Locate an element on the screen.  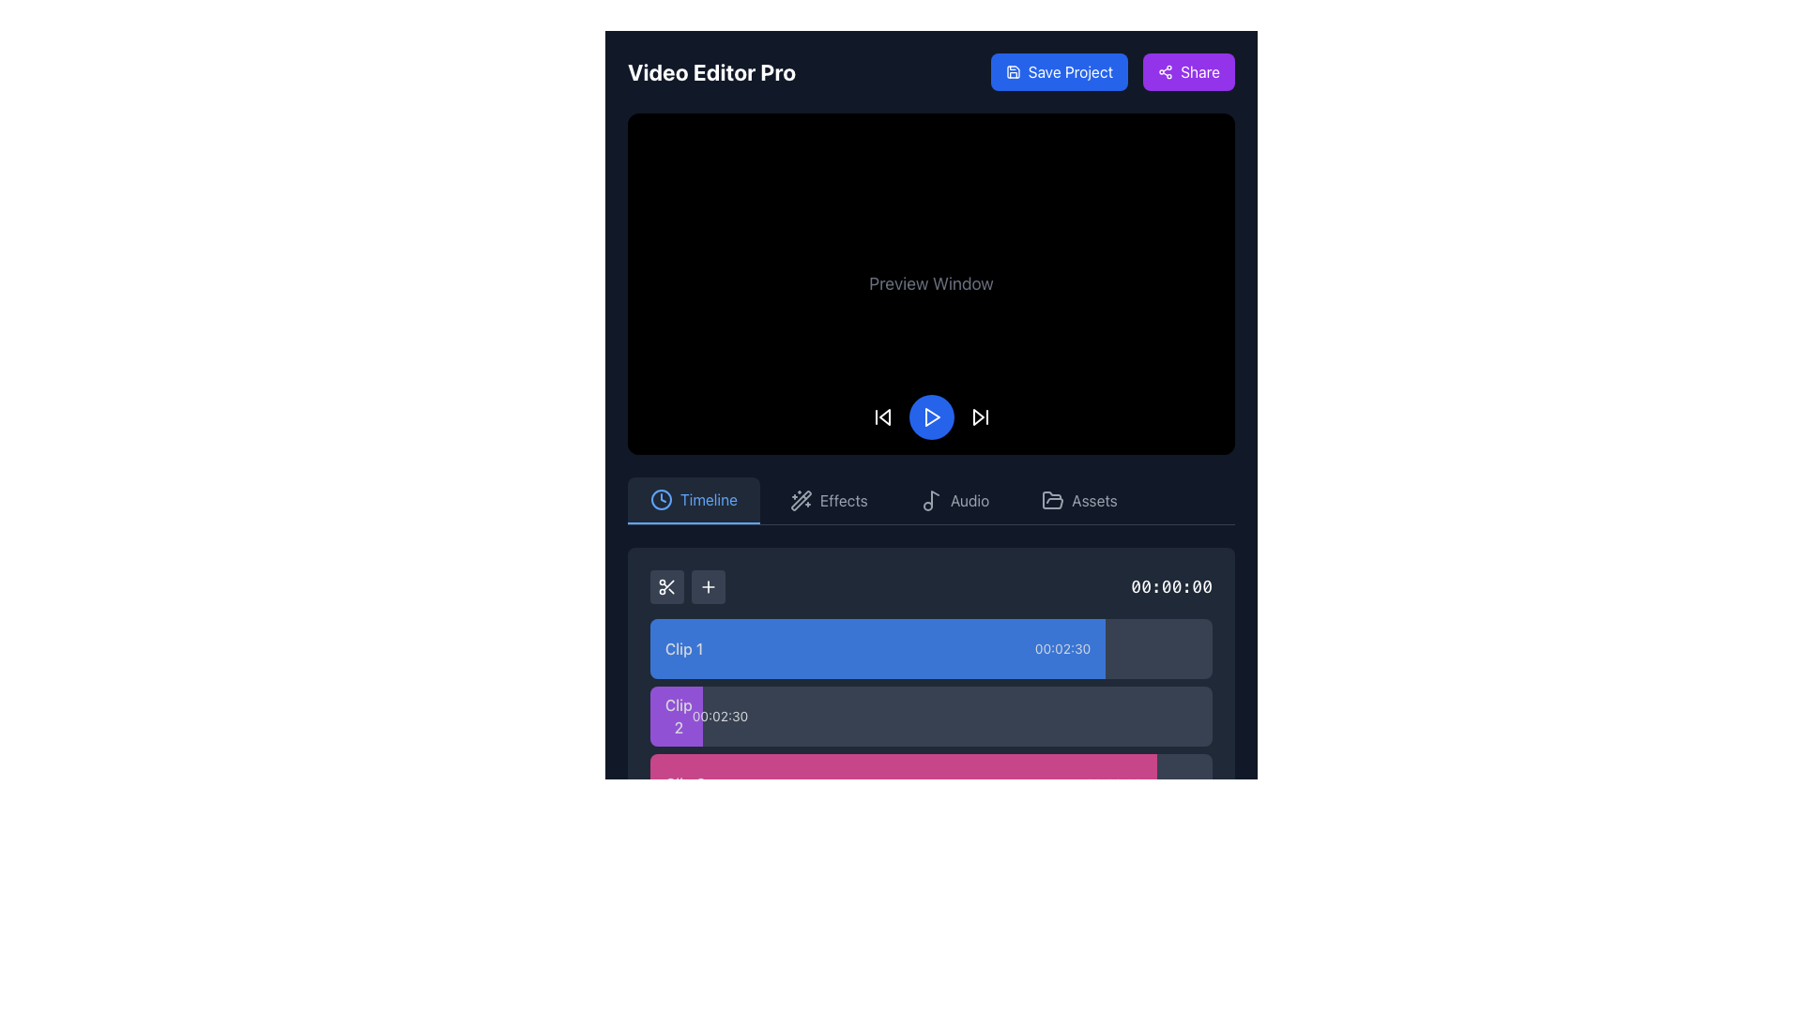
the text label in the top-right section of the horizontal navigation bar is located at coordinates (1094, 499).